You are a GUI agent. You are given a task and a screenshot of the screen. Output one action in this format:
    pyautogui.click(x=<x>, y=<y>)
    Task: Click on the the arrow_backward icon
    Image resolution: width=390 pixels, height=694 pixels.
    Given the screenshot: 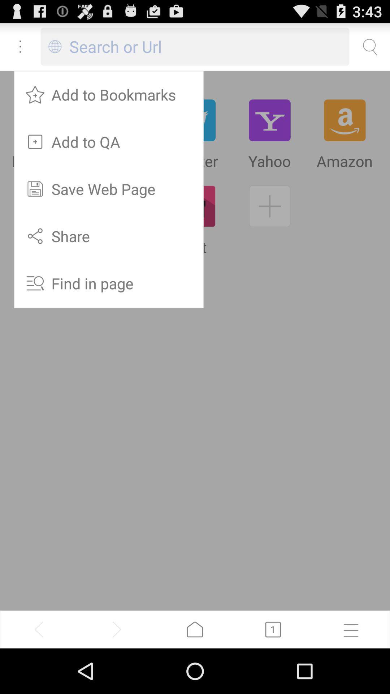 What is the action you would take?
    pyautogui.click(x=39, y=673)
    